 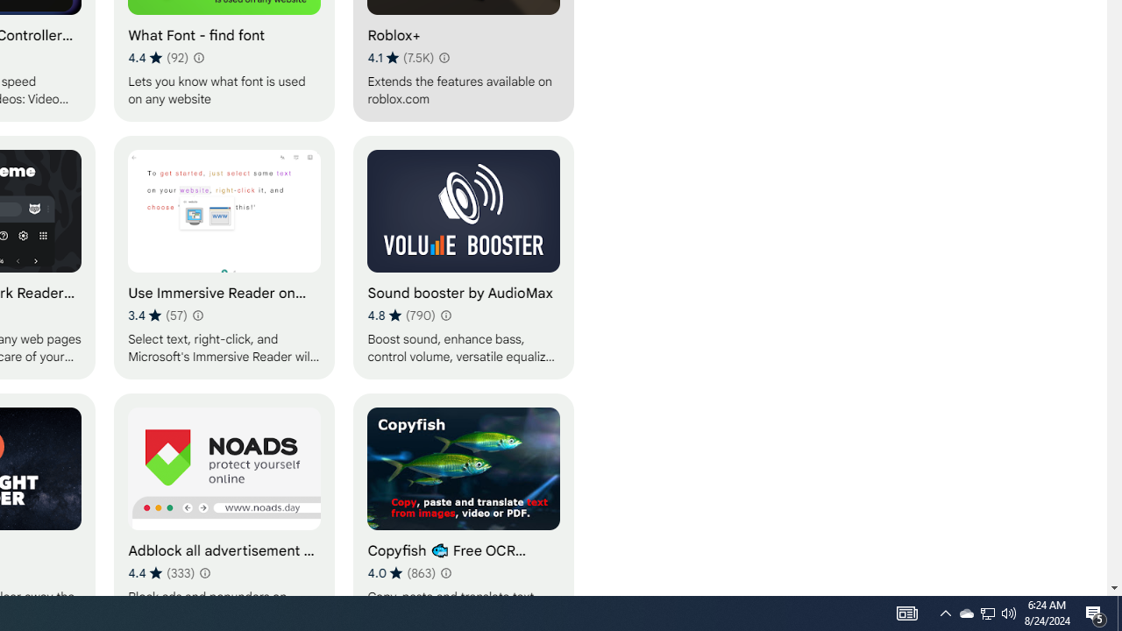 I want to click on 'Average rating 4.4 out of 5 stars. 333 ratings.', so click(x=161, y=572).